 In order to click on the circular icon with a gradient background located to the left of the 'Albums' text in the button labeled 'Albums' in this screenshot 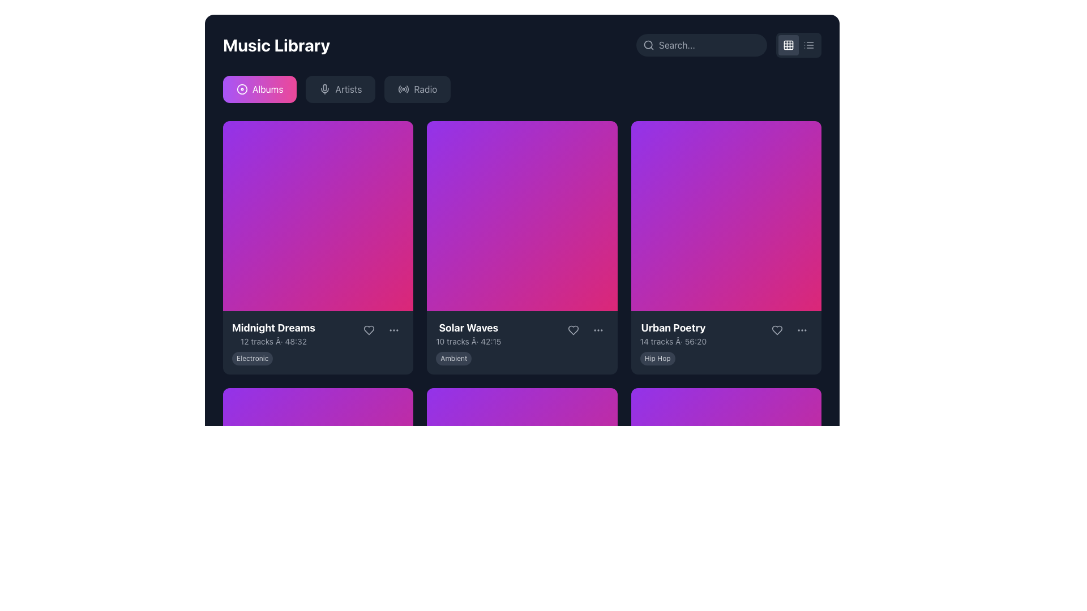, I will do `click(241, 89)`.